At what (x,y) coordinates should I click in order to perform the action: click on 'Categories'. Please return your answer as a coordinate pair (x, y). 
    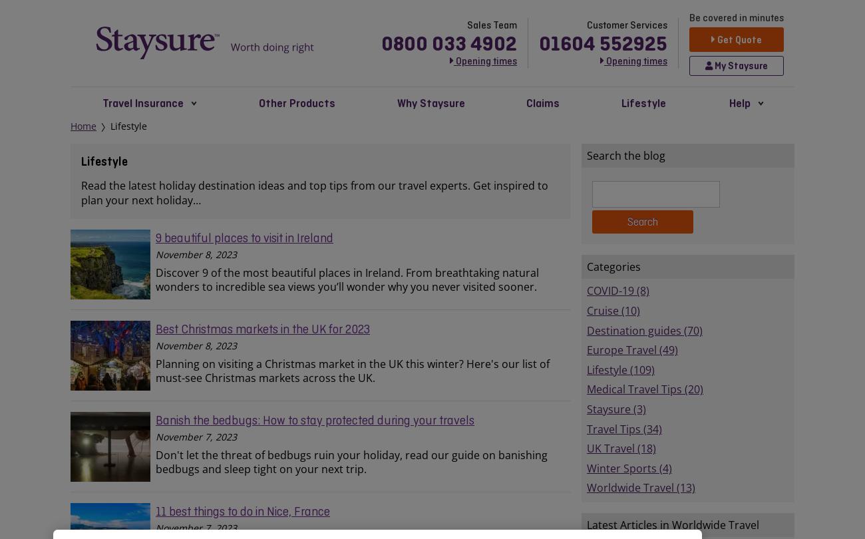
    Looking at the image, I should click on (613, 266).